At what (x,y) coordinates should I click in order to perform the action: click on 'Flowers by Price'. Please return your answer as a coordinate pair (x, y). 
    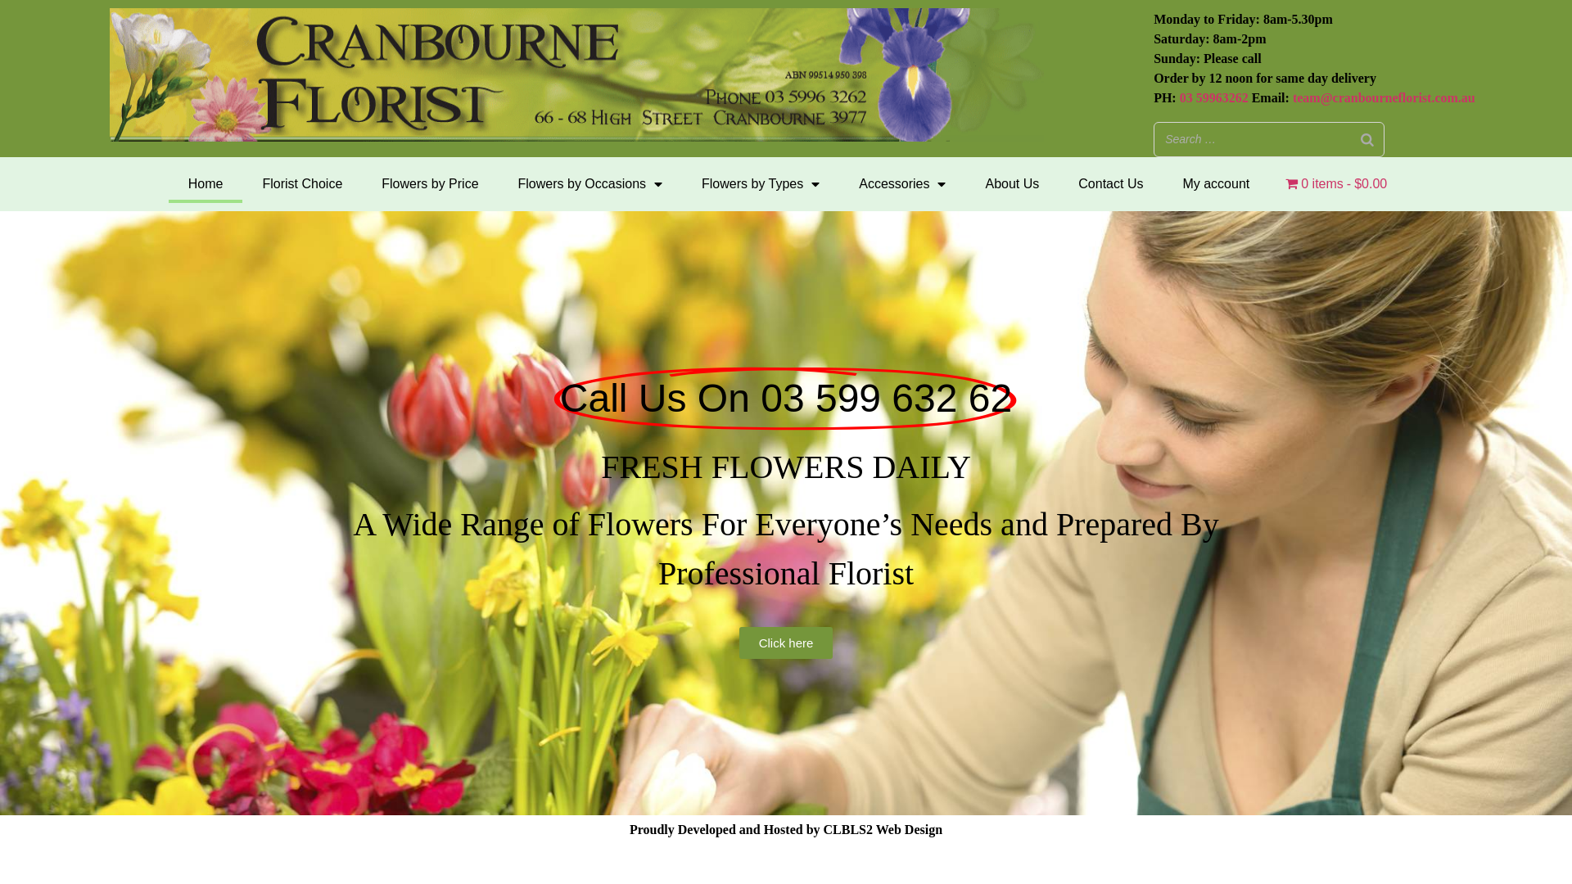
    Looking at the image, I should click on (360, 183).